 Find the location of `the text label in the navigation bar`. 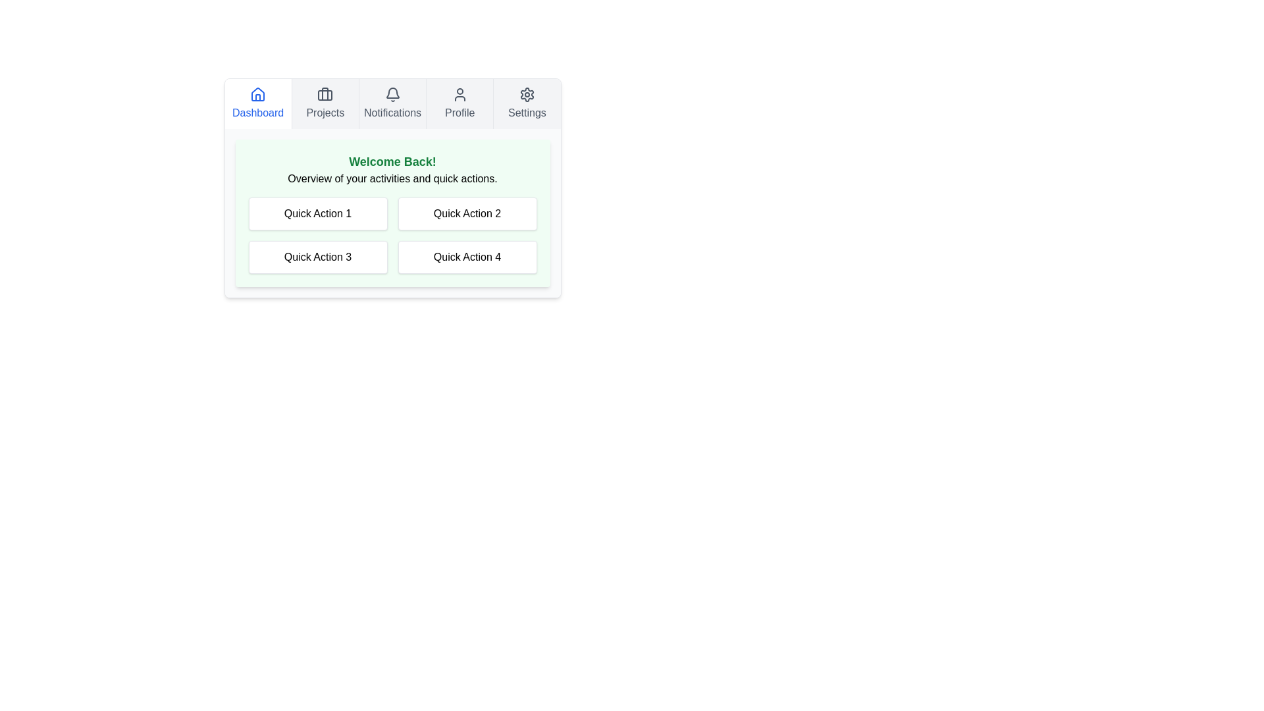

the text label in the navigation bar is located at coordinates (392, 113).